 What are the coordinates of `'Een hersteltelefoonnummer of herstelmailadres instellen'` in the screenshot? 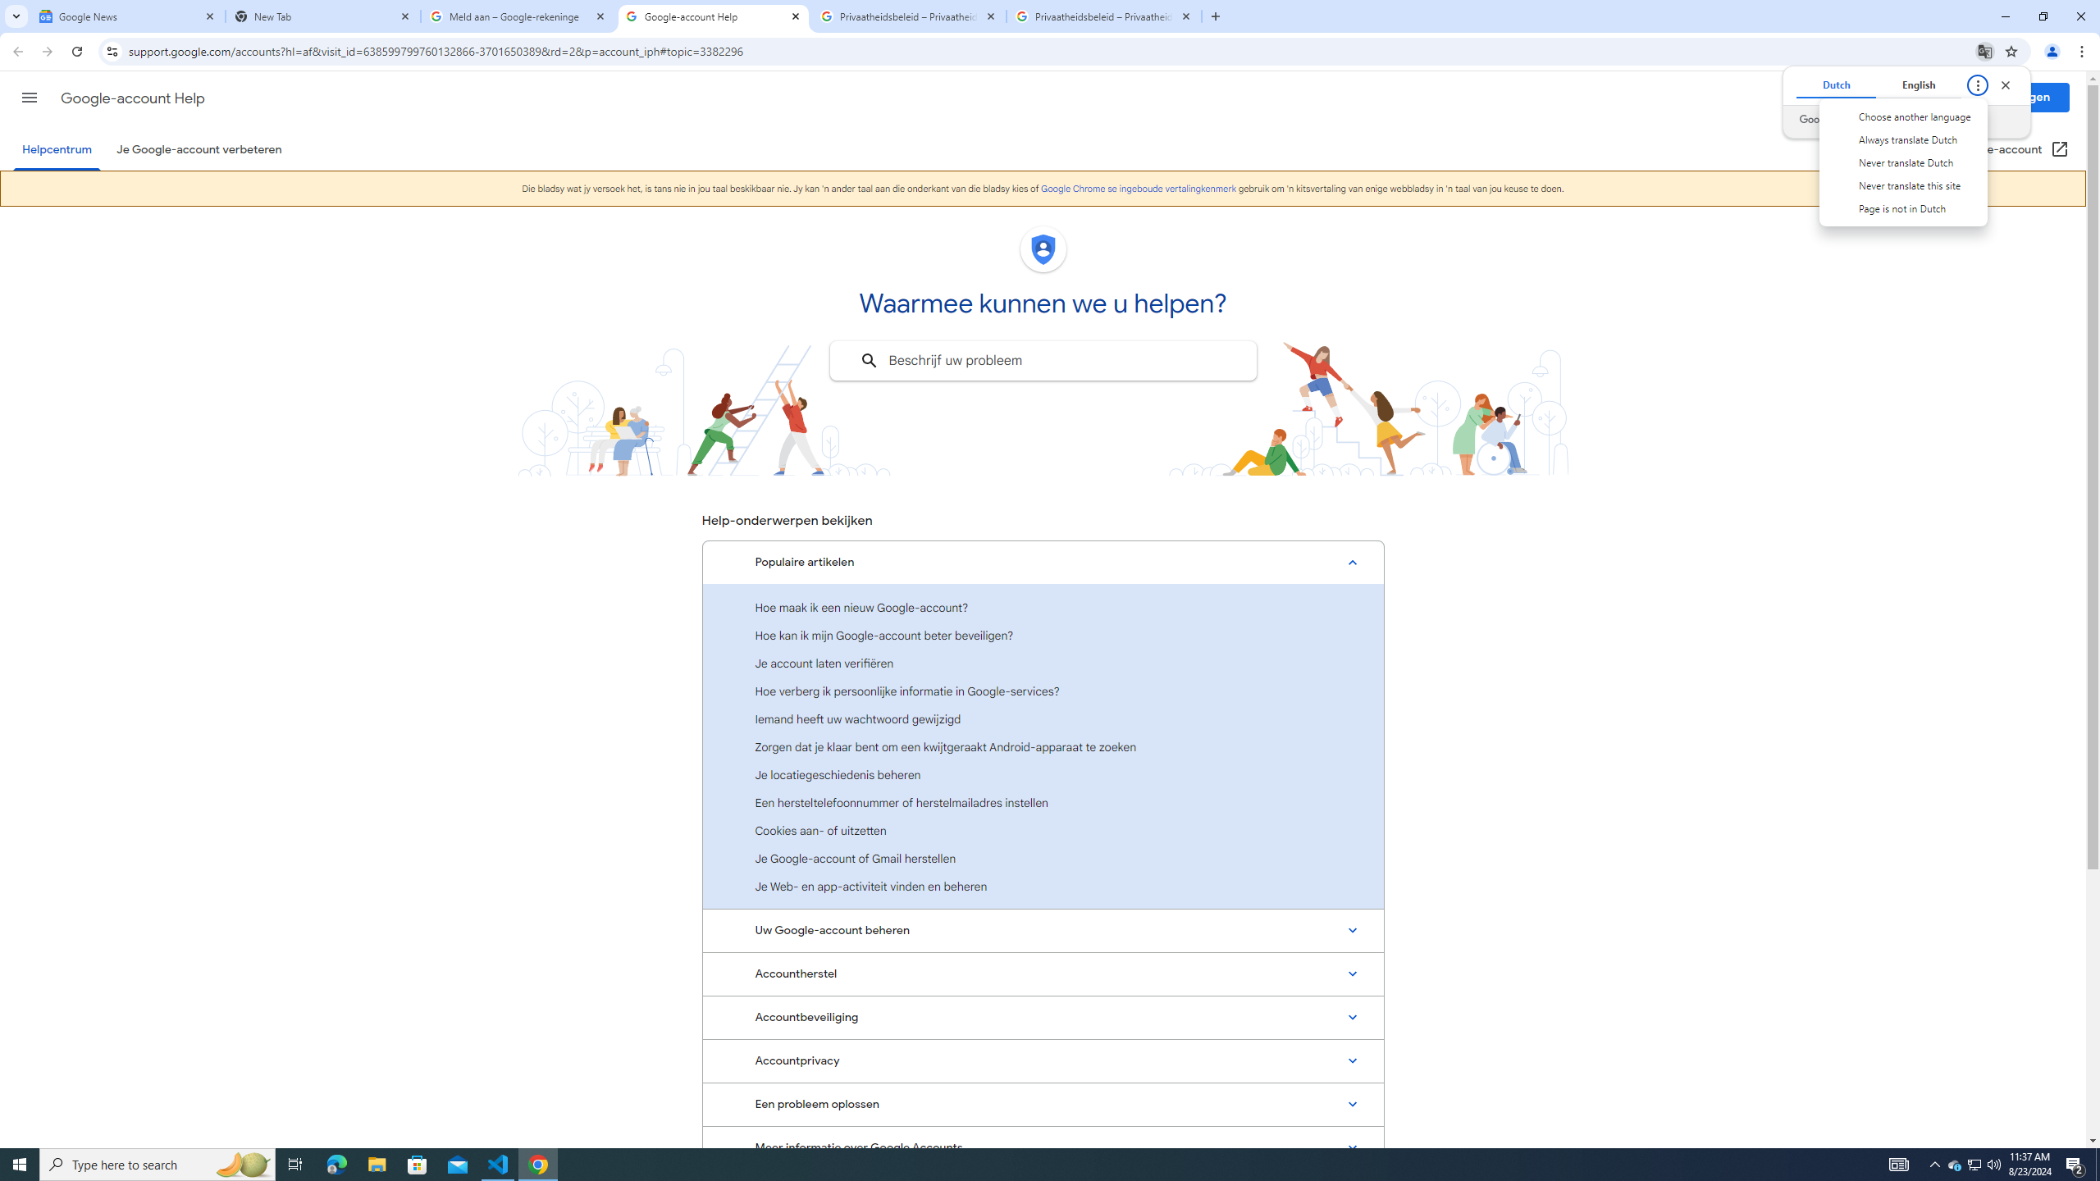 It's located at (1043, 802).